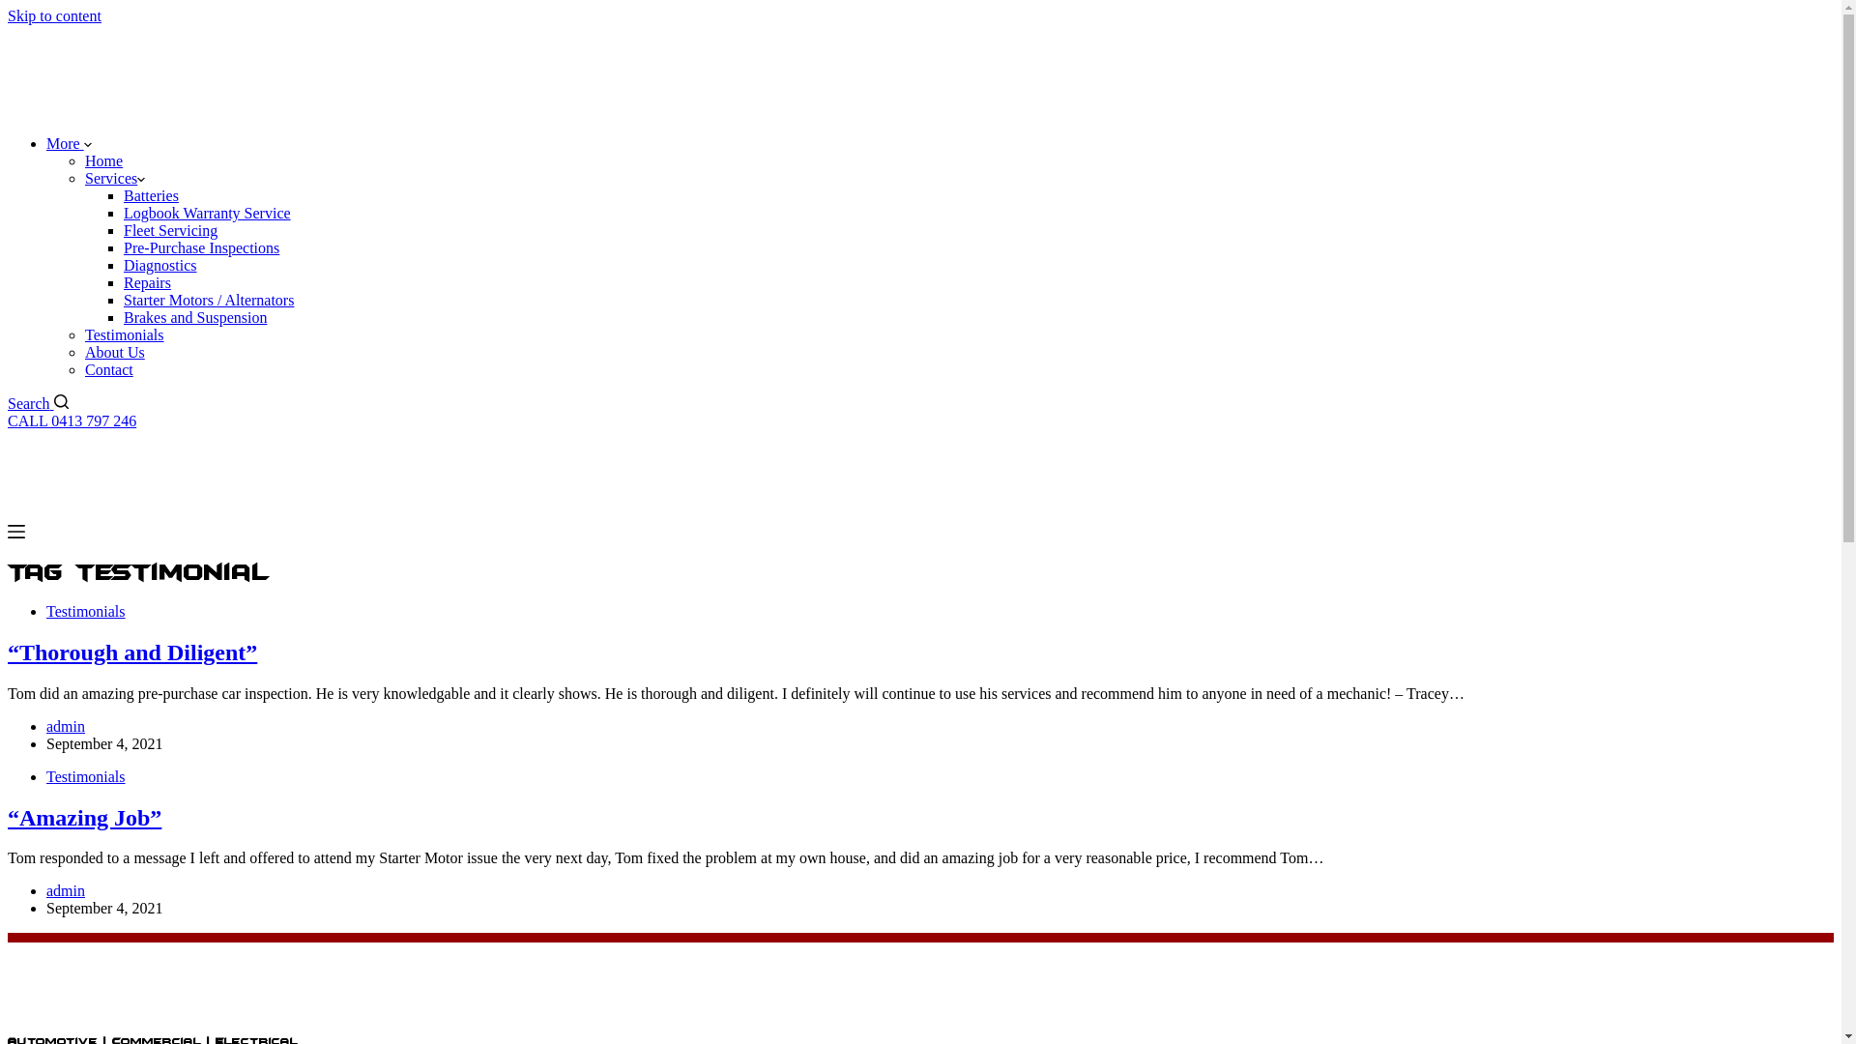  I want to click on 'Brakes and Suspension', so click(194, 316).